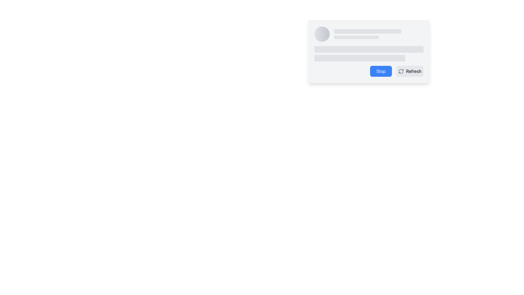 The image size is (524, 295). What do you see at coordinates (401, 71) in the screenshot?
I see `the circular gray arrow icon located to the left of the 'Refresh' text within the button, positioned to the right of the blue 'Stop' button` at bounding box center [401, 71].